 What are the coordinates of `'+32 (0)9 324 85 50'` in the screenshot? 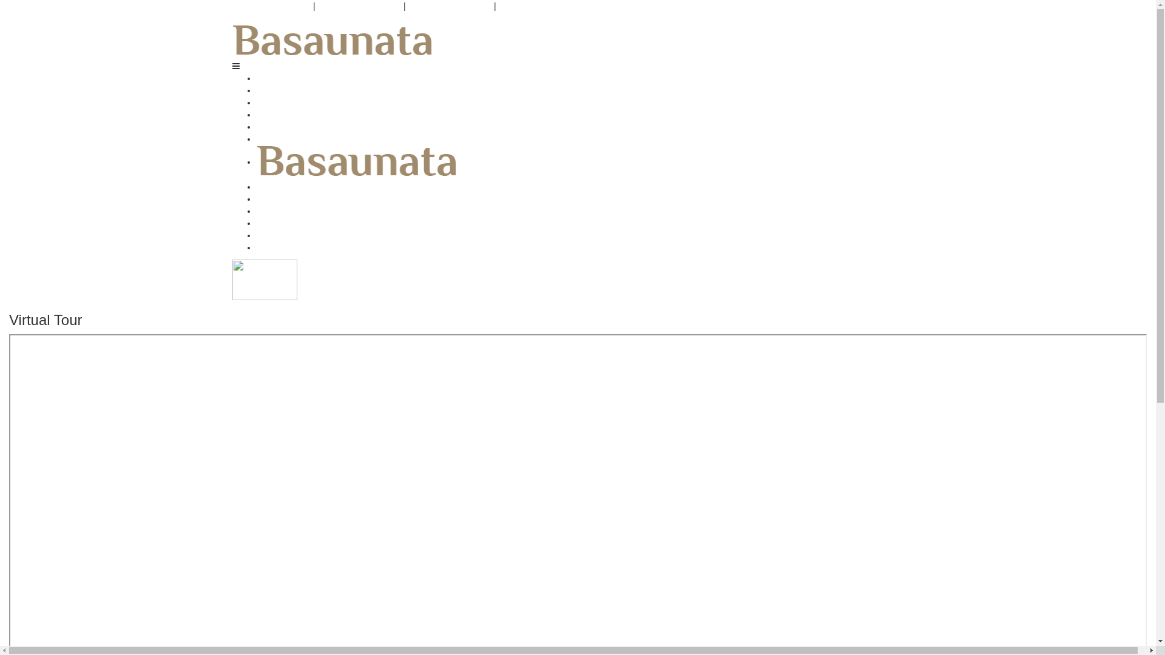 It's located at (270, 6).